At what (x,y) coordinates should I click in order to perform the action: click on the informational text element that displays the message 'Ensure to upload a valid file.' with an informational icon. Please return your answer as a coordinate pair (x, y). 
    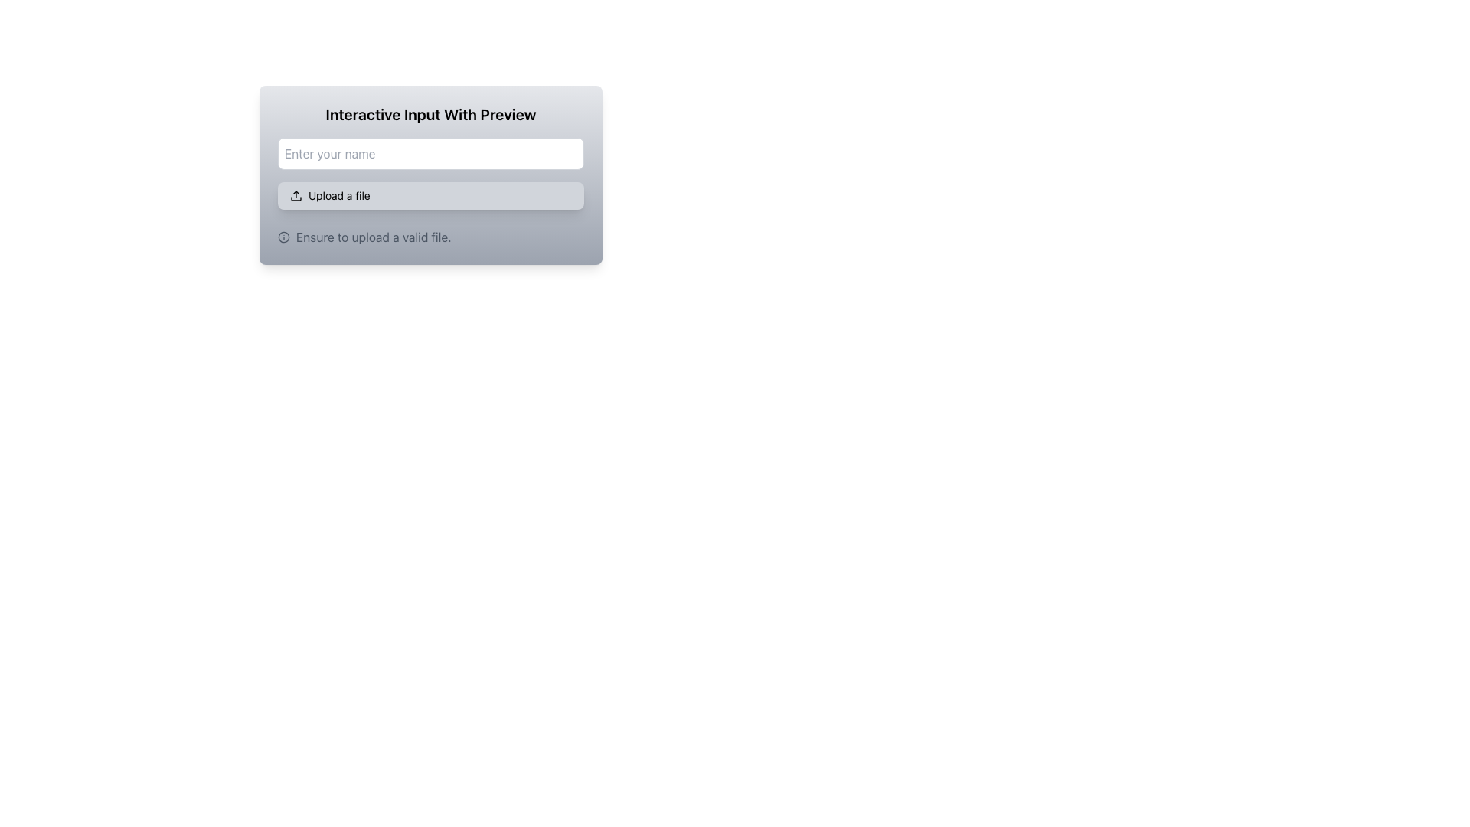
    Looking at the image, I should click on (430, 237).